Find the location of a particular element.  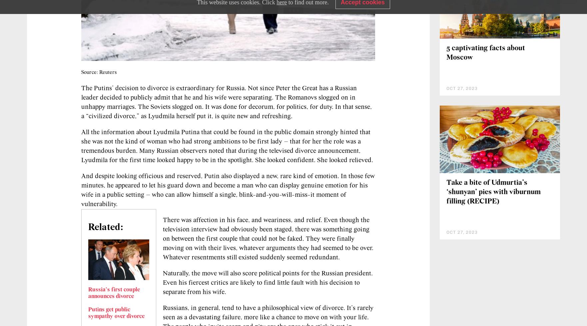

'Source: Reuters' is located at coordinates (99, 72).